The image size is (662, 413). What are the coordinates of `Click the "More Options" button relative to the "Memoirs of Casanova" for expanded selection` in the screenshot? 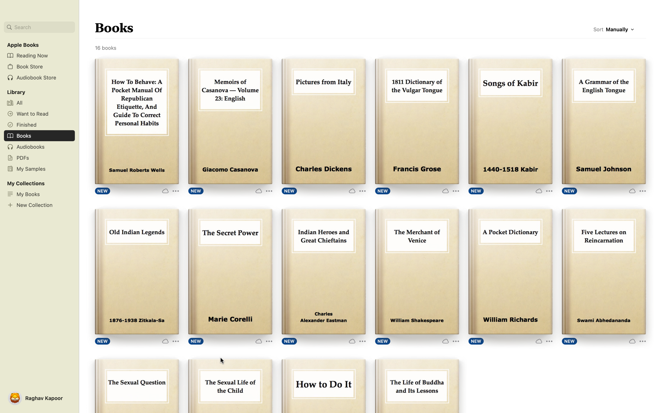 It's located at (262, 190).